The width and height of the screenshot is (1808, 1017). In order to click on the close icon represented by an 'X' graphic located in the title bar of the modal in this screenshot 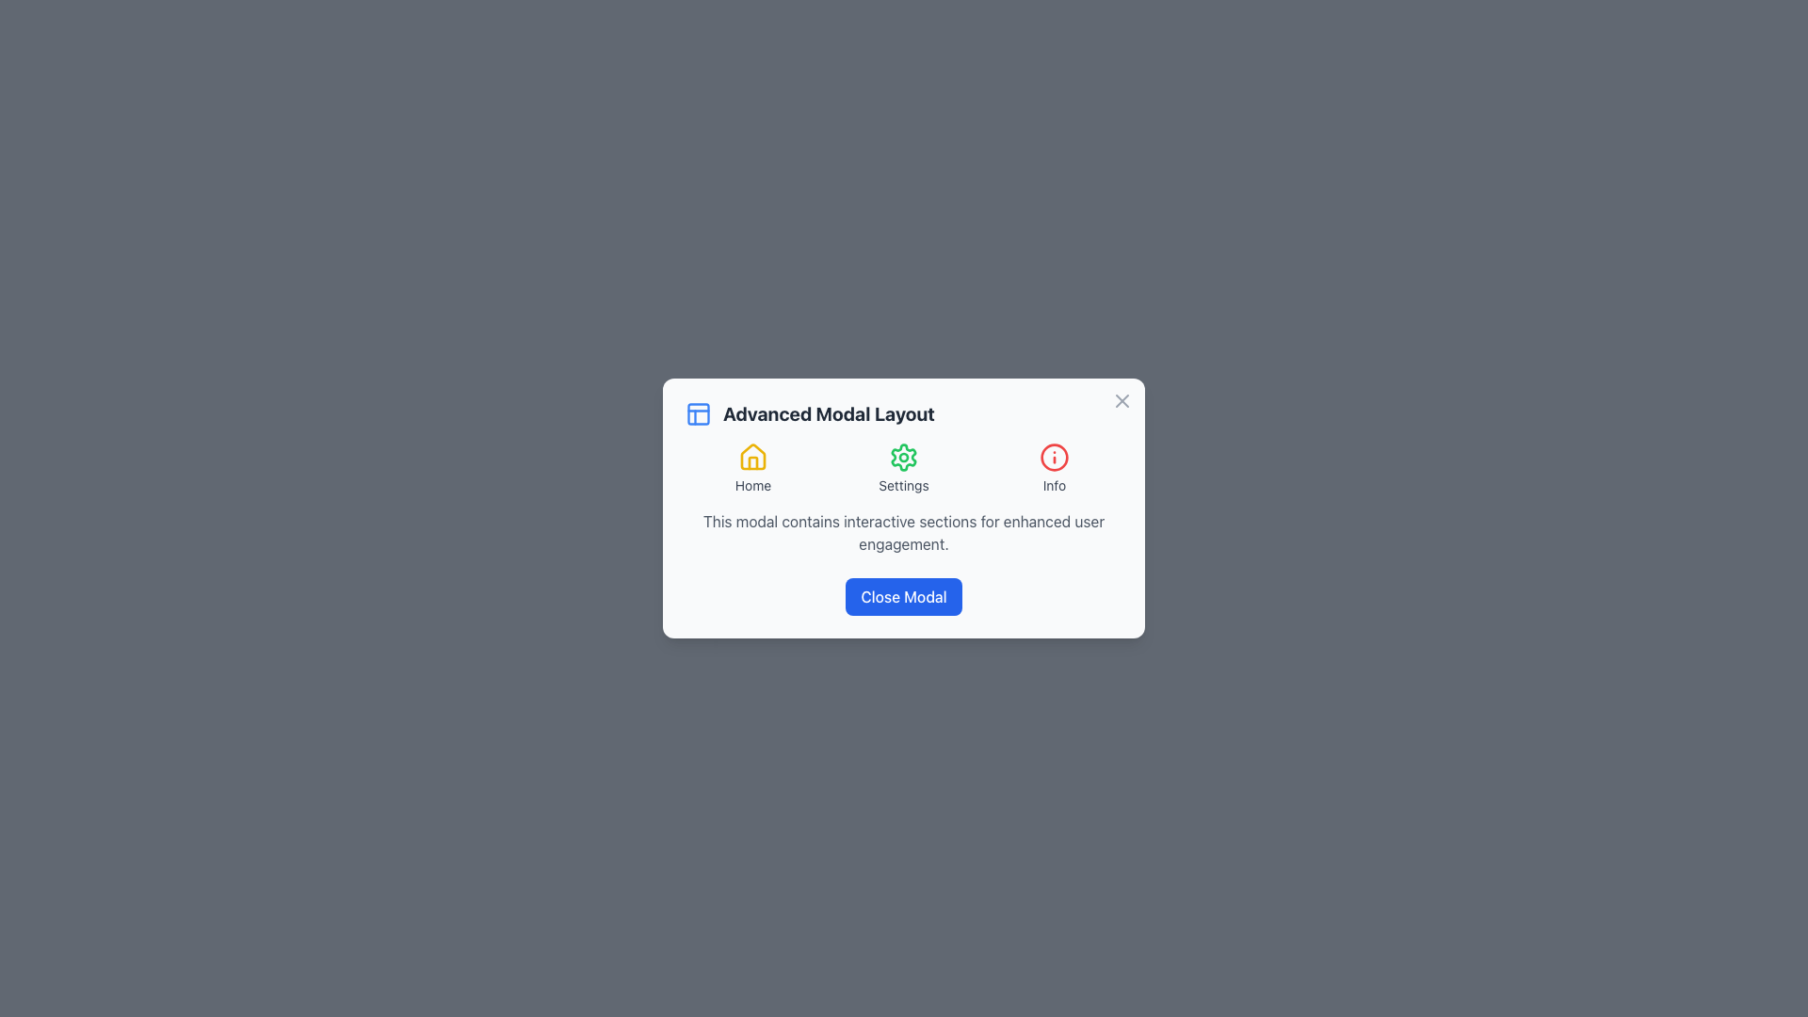, I will do `click(1122, 399)`.